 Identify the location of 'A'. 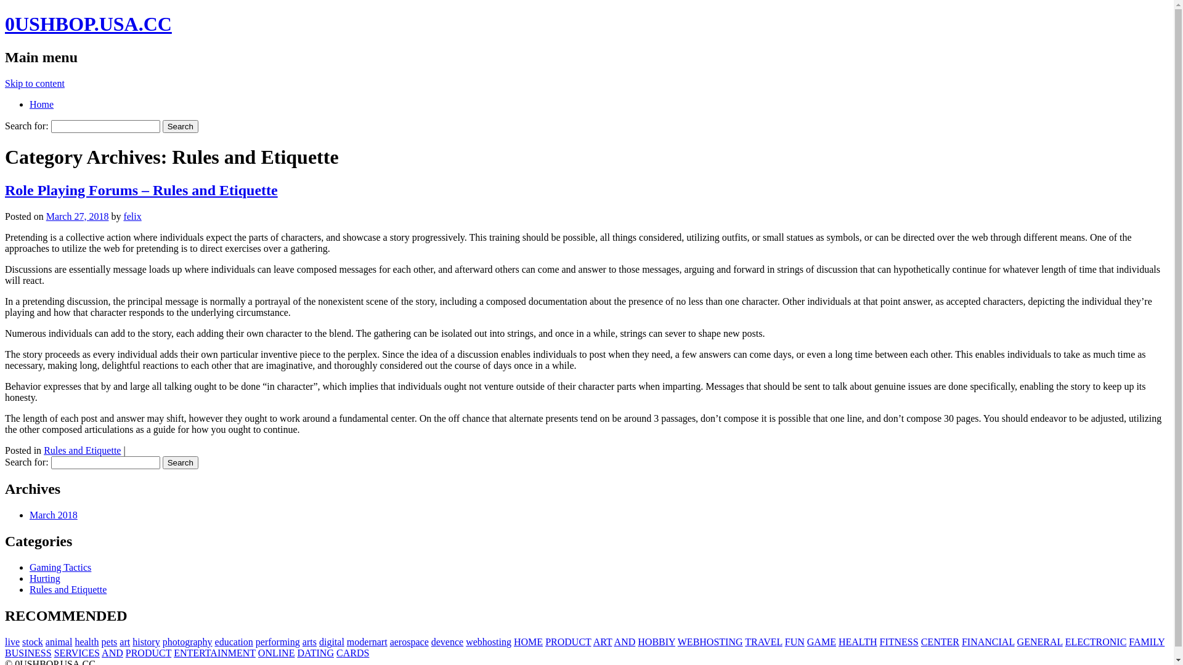
(593, 641).